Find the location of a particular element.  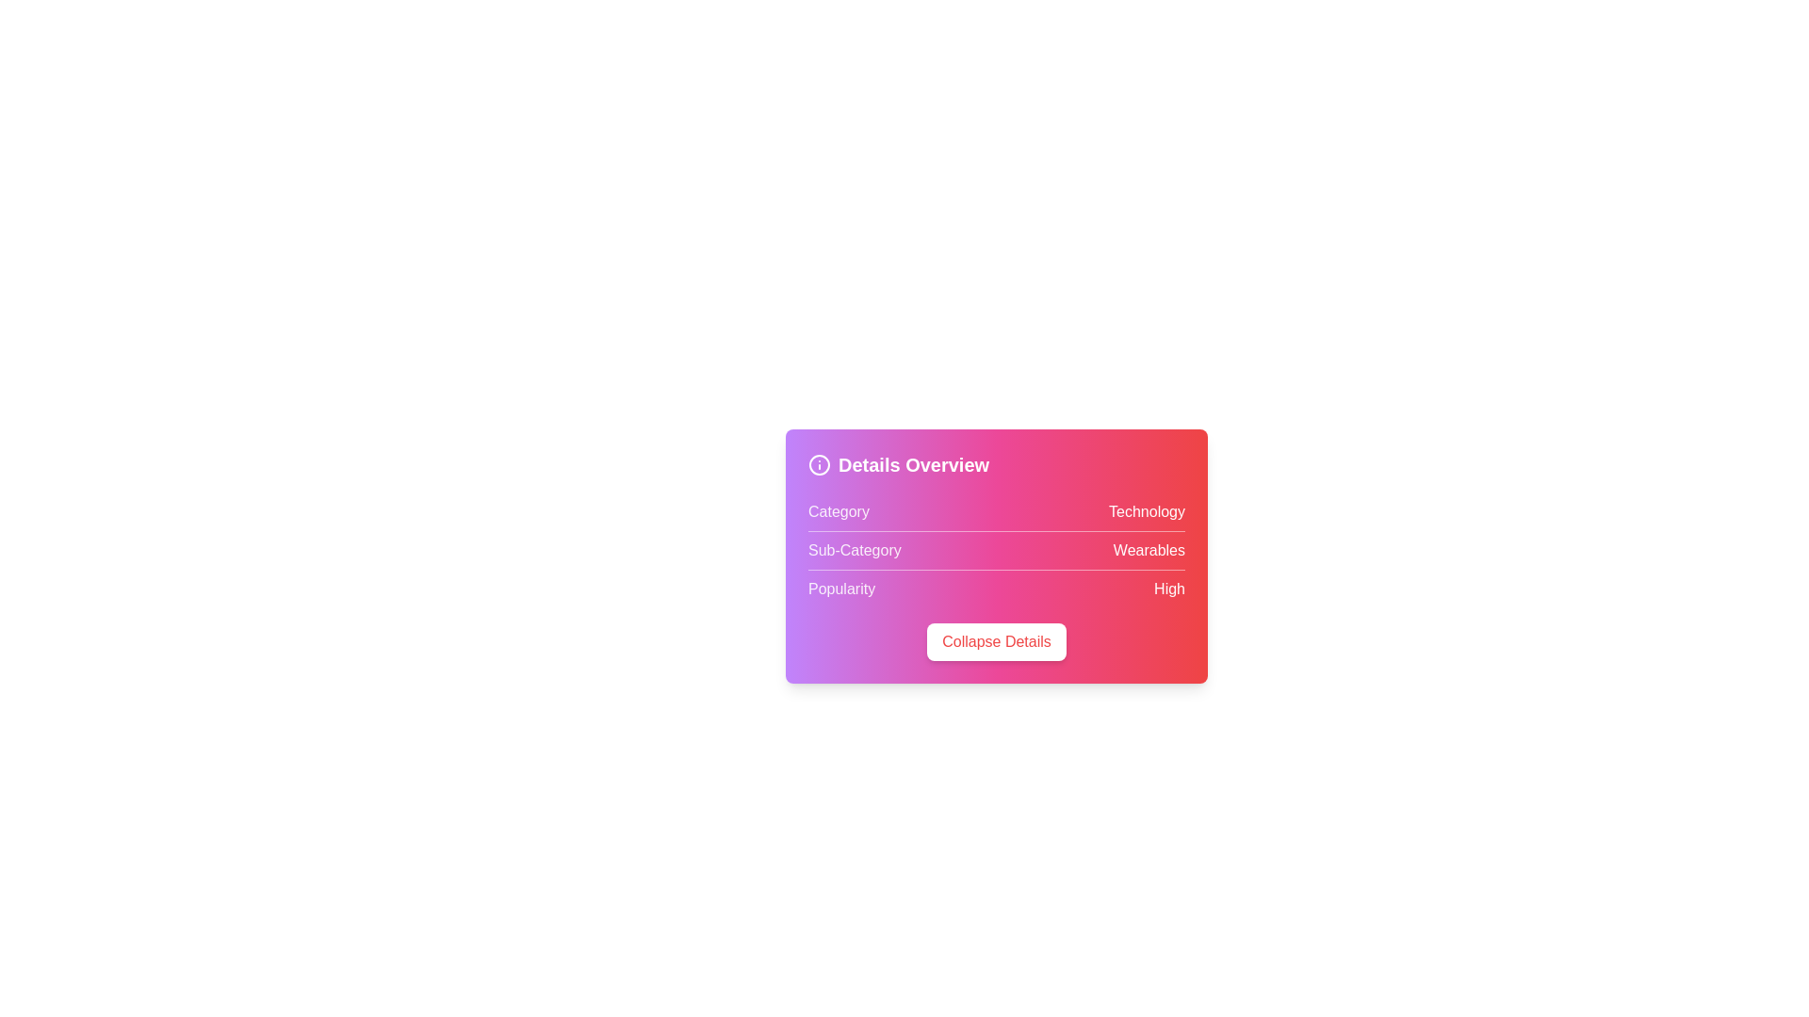

the static text label that corresponds to the category value displayed on the same row as the text 'Technology' is located at coordinates (838, 511).